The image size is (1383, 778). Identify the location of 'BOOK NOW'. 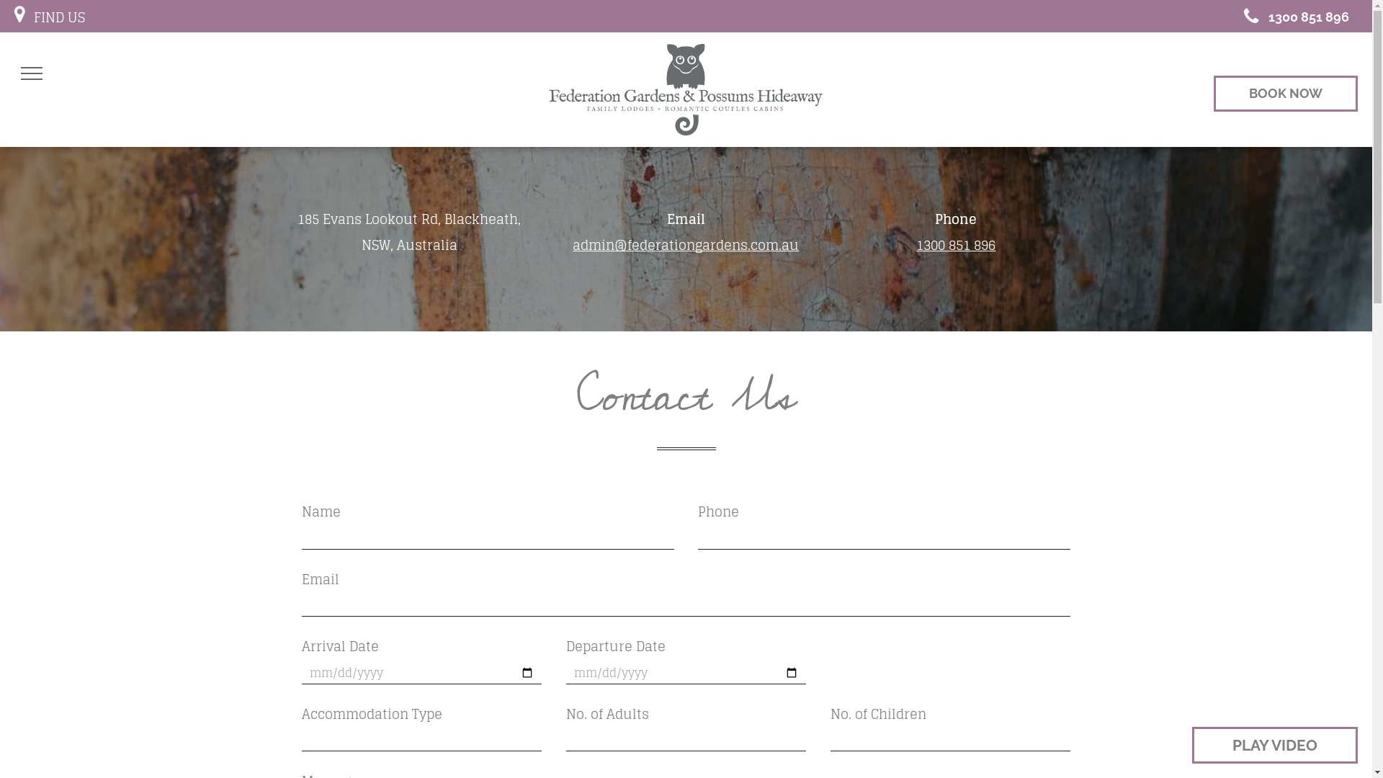
(1286, 94).